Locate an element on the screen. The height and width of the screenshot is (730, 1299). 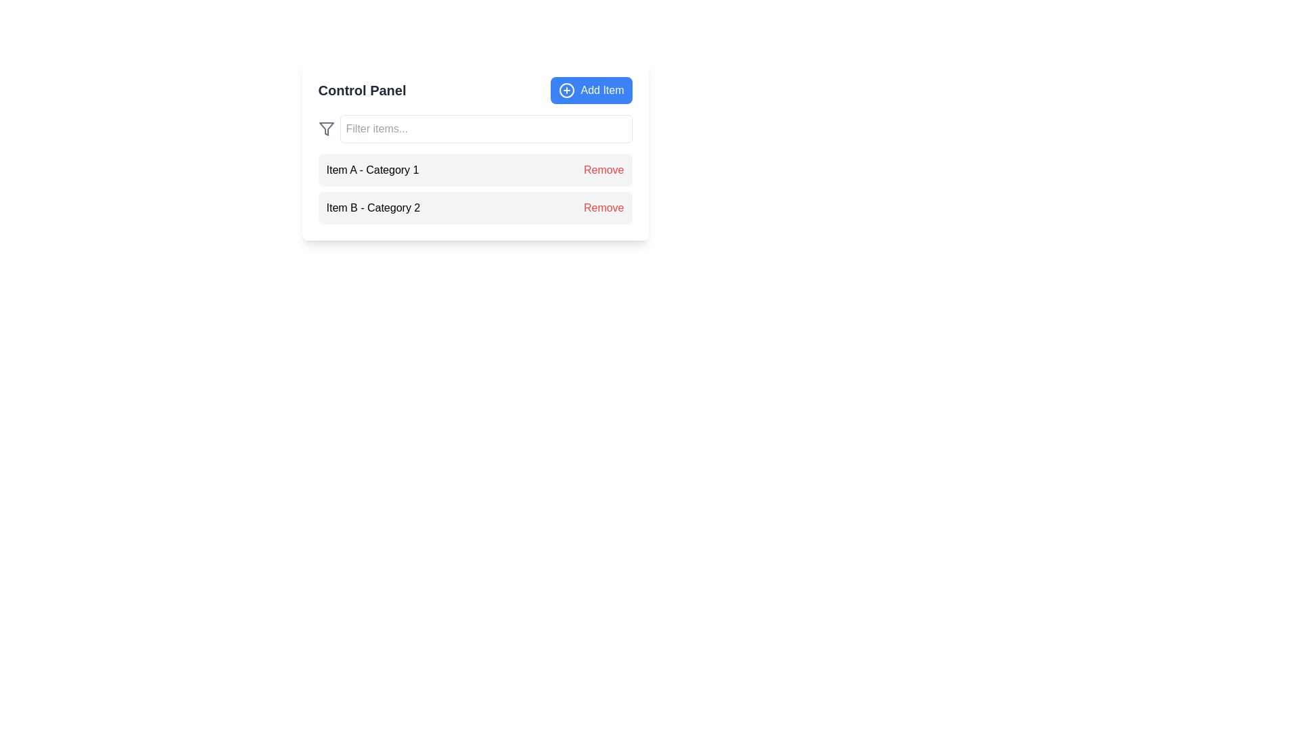
the removal button for 'Item B - Category 2' is located at coordinates (603, 208).